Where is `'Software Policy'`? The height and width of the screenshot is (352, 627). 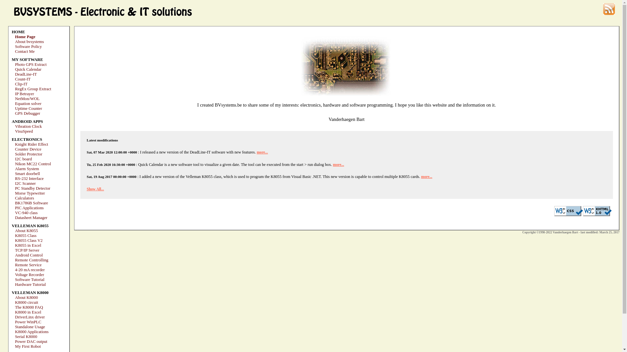
'Software Policy' is located at coordinates (28, 46).